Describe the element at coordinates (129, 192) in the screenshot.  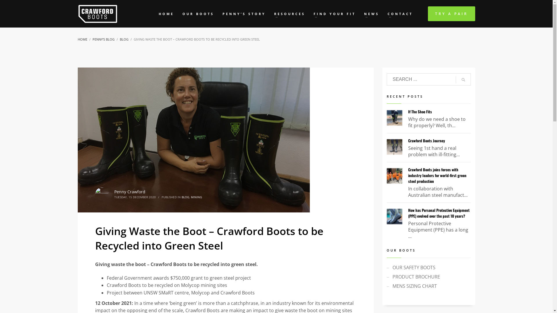
I see `'Penny Crawford'` at that location.